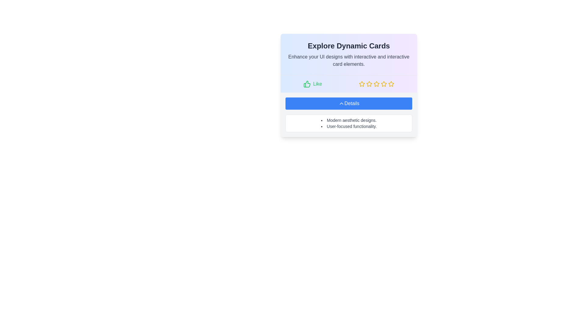  Describe the element at coordinates (349, 123) in the screenshot. I see `the Text block with bullet points that provides additional details about the features or characteristics of a product or service, located beneath the 'Details' button` at that location.